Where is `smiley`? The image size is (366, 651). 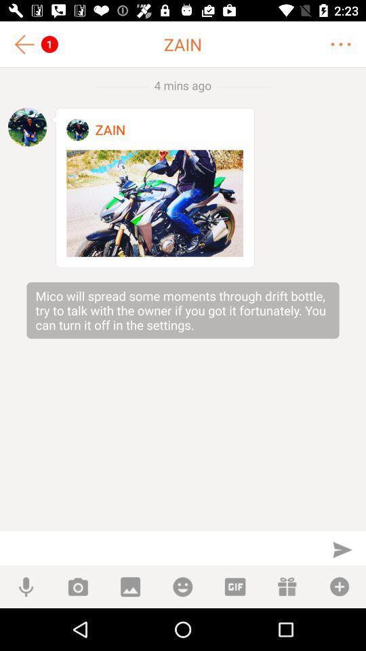 smiley is located at coordinates (182, 586).